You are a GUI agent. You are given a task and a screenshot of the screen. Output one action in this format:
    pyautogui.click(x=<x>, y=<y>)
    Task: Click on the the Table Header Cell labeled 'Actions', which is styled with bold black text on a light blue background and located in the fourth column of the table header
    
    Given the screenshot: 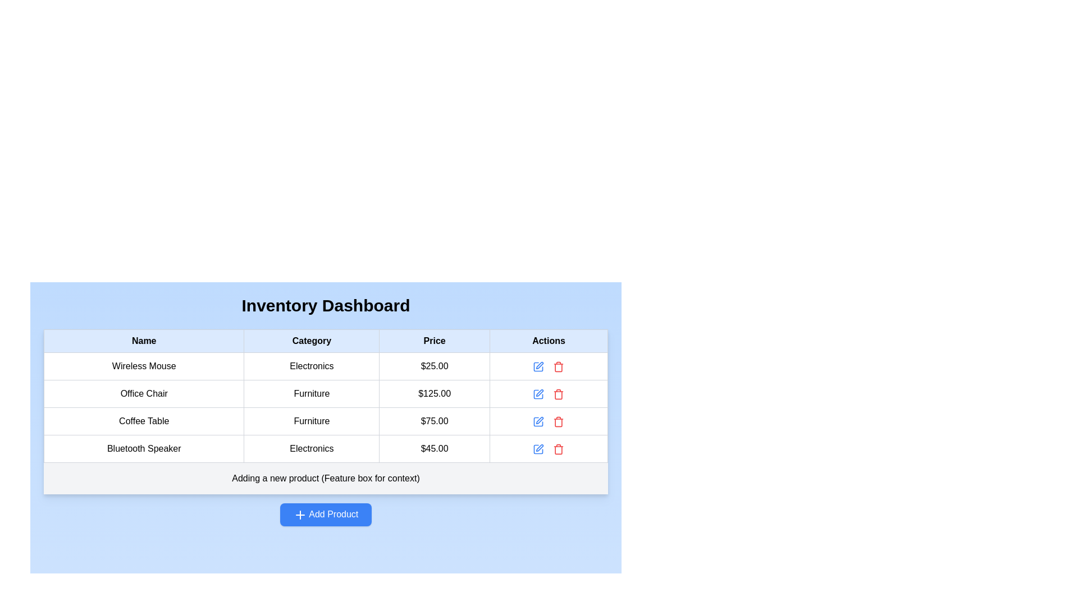 What is the action you would take?
    pyautogui.click(x=549, y=341)
    